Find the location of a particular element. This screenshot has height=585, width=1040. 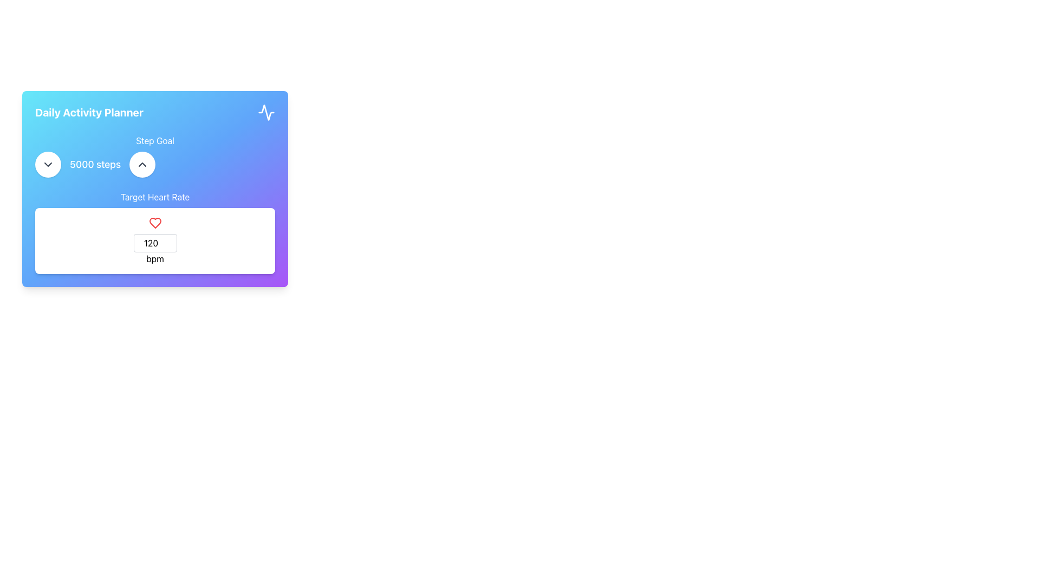

the non-interactive text content displaying the current step goal value, located centrally within the 'Daily Activity Planner' card is located at coordinates (95, 165).